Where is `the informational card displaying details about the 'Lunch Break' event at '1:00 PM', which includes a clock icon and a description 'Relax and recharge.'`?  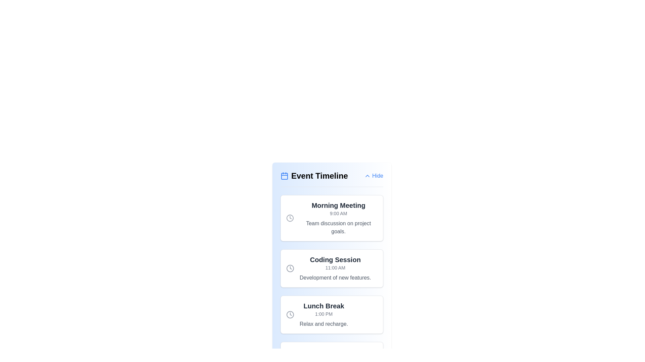 the informational card displaying details about the 'Lunch Break' event at '1:00 PM', which includes a clock icon and a description 'Relax and recharge.' is located at coordinates (332, 314).